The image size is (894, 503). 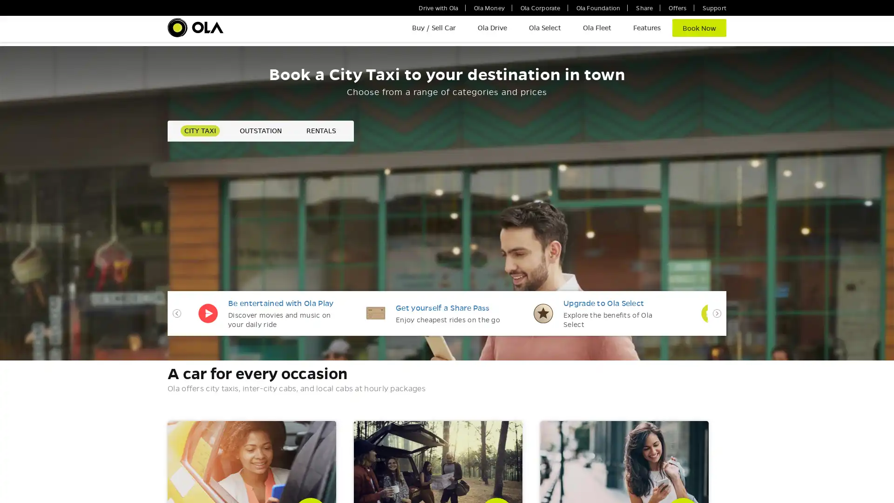 I want to click on Prev, so click(x=176, y=360).